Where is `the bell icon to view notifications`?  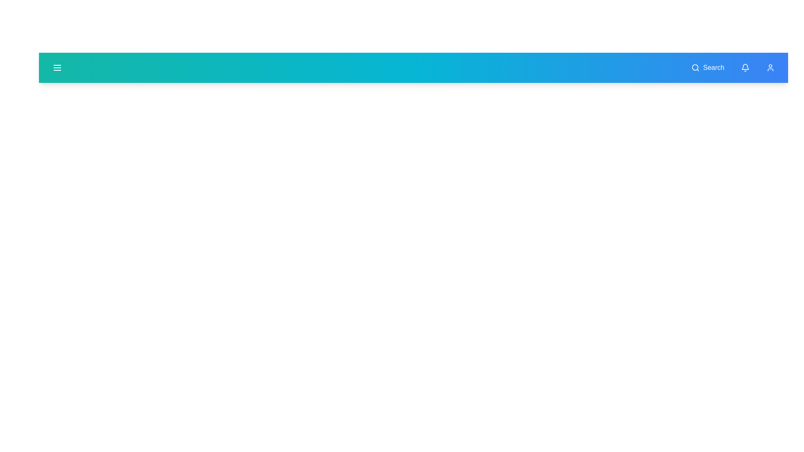 the bell icon to view notifications is located at coordinates (745, 67).